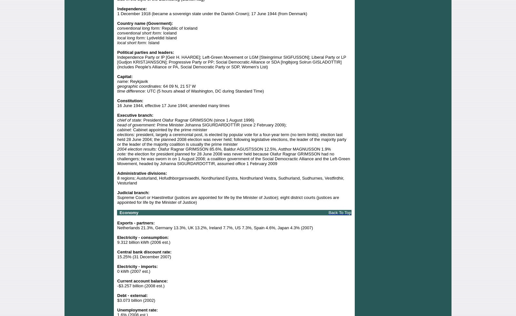  Describe the element at coordinates (143, 237) in the screenshot. I see `'Electricity - consumption:'` at that location.